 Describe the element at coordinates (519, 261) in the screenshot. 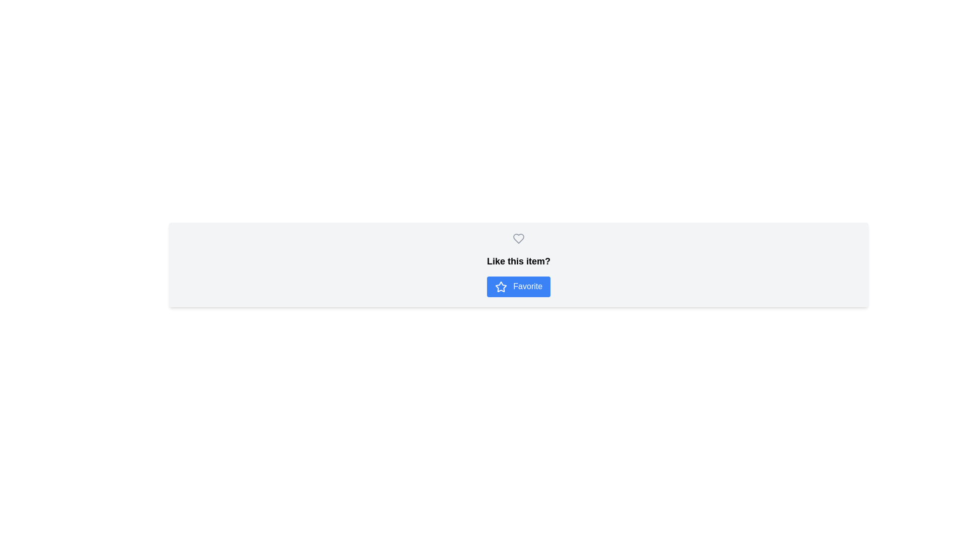

I see `the static text label that serves as a question prompt to the user, located above the 'Favorite' button and beneath a heart icon` at that location.